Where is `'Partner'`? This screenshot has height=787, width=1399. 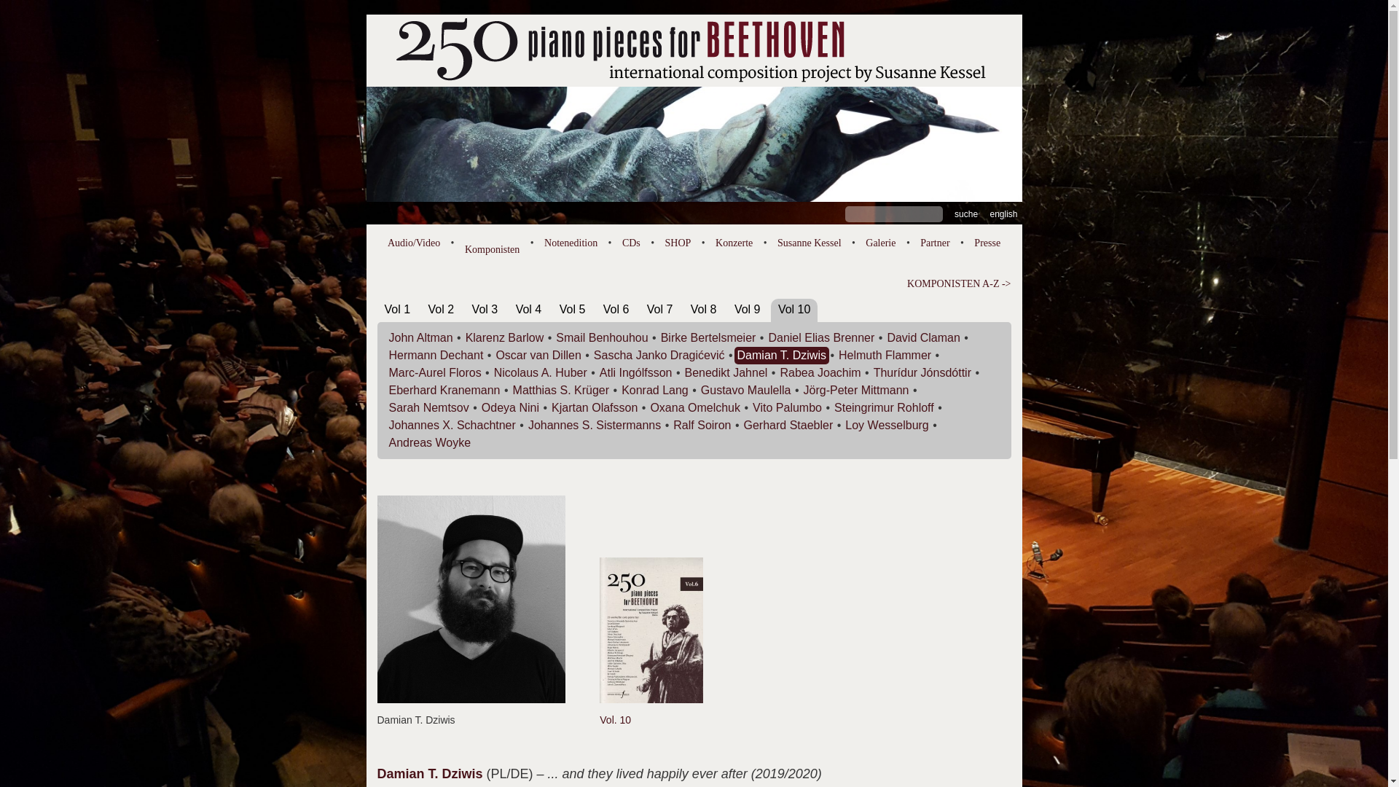
'Partner' is located at coordinates (934, 242).